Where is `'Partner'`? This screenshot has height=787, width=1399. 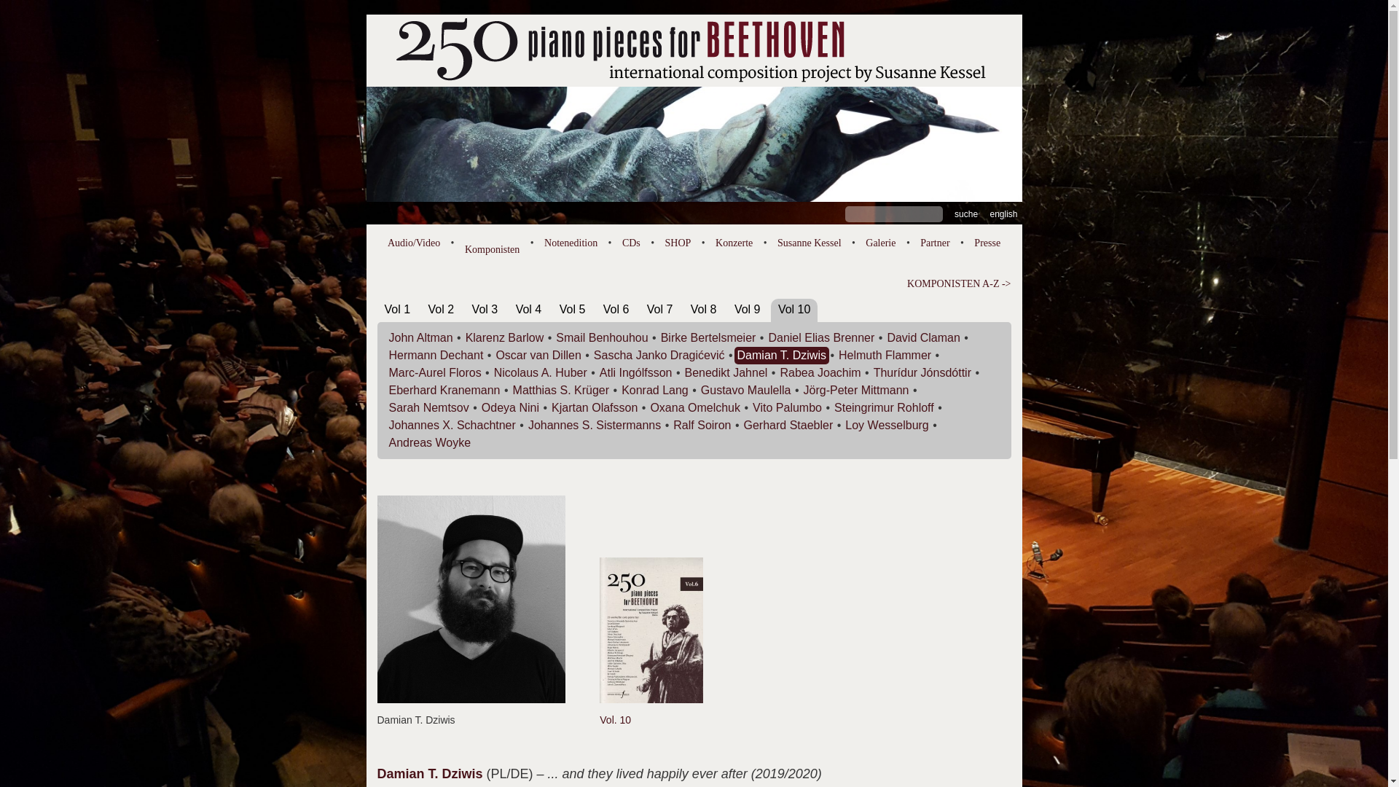
'Partner' is located at coordinates (934, 242).